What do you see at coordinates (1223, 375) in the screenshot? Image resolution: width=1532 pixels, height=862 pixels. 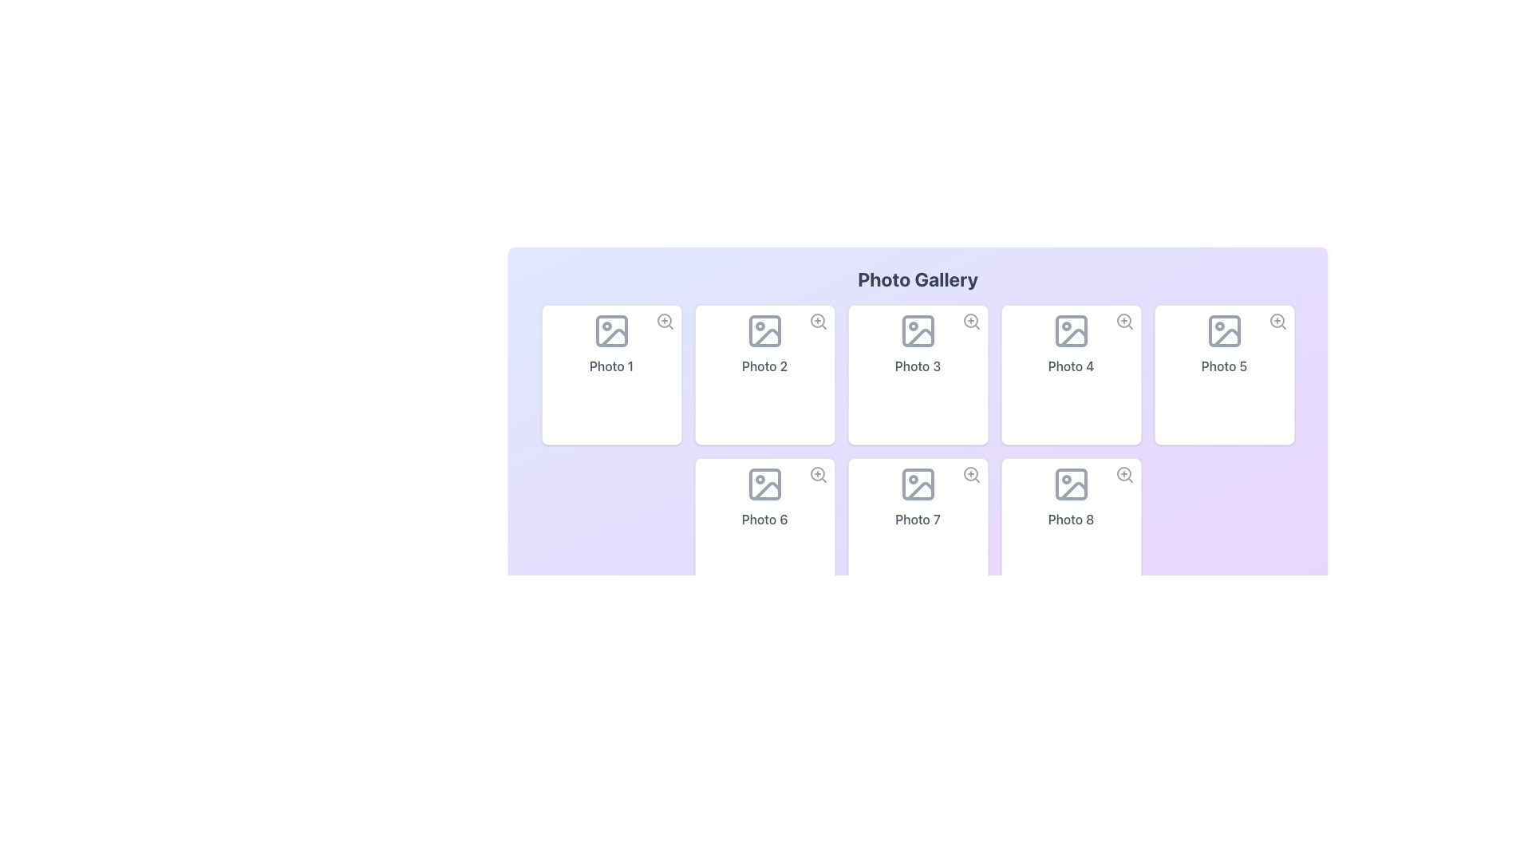 I see `the Interactive card element representing 'Photo 5' in the top-right position of the first row in the 'Photo Gallery' grid` at bounding box center [1223, 375].